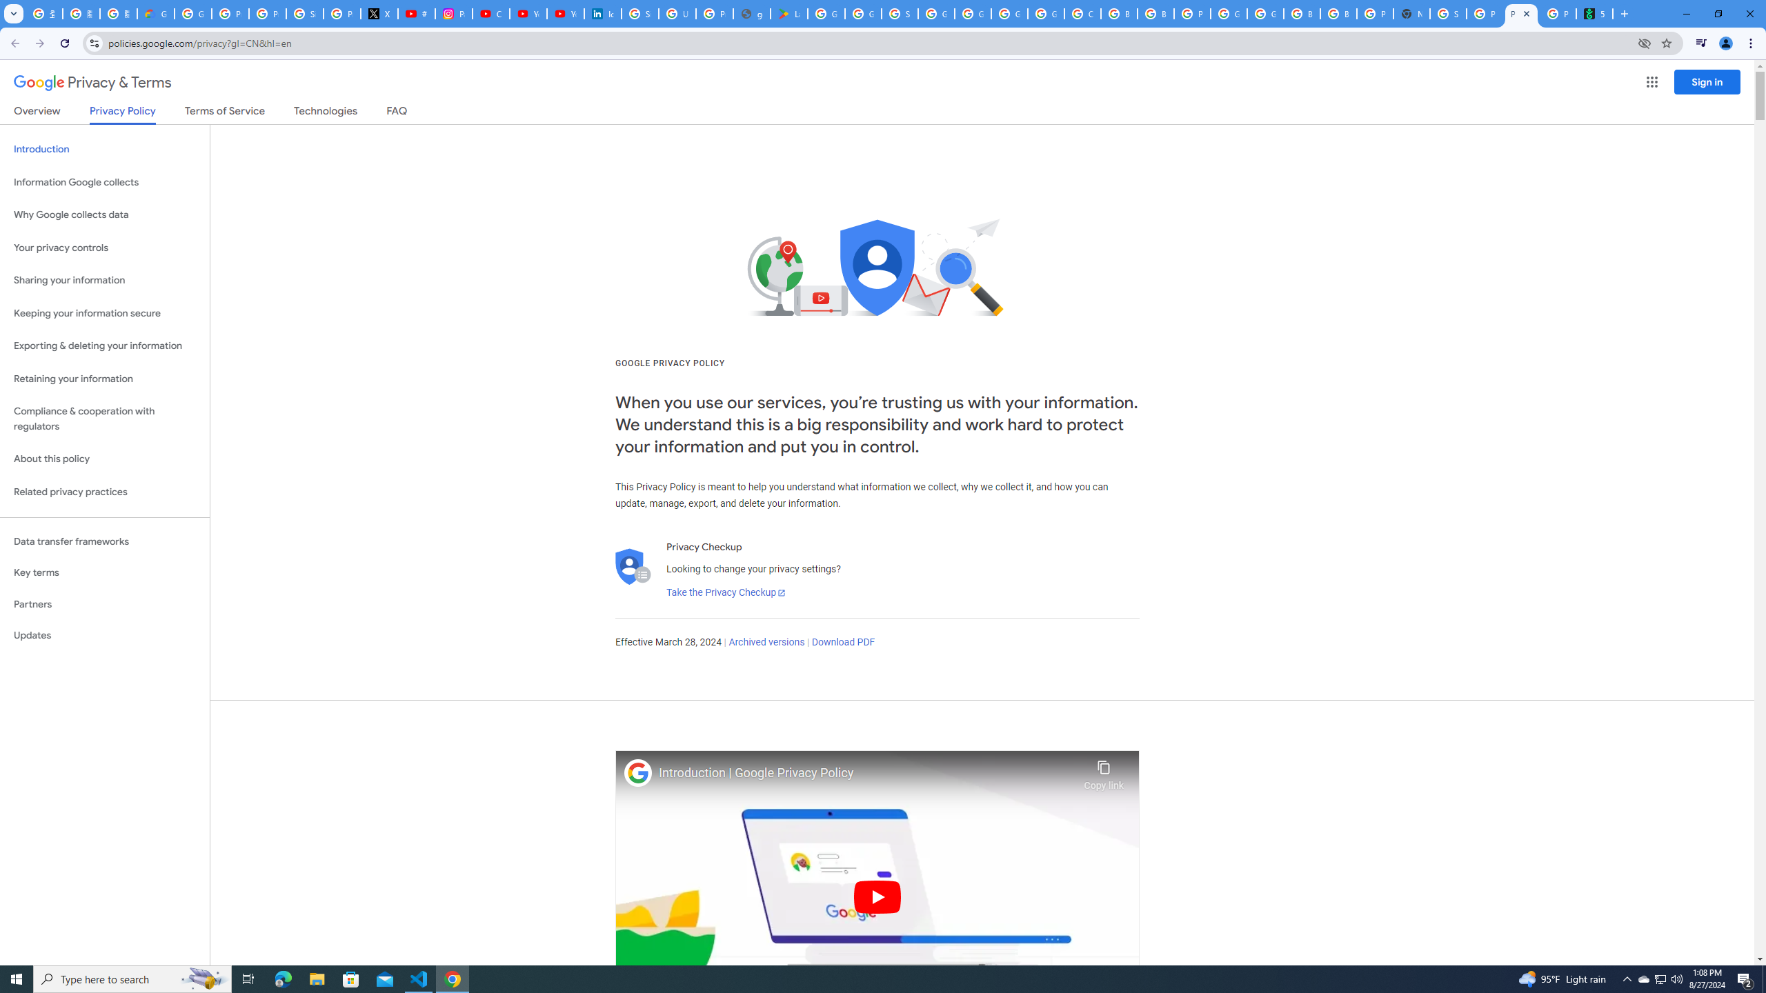  I want to click on 'Google Cloud Privacy Notice', so click(155, 13).